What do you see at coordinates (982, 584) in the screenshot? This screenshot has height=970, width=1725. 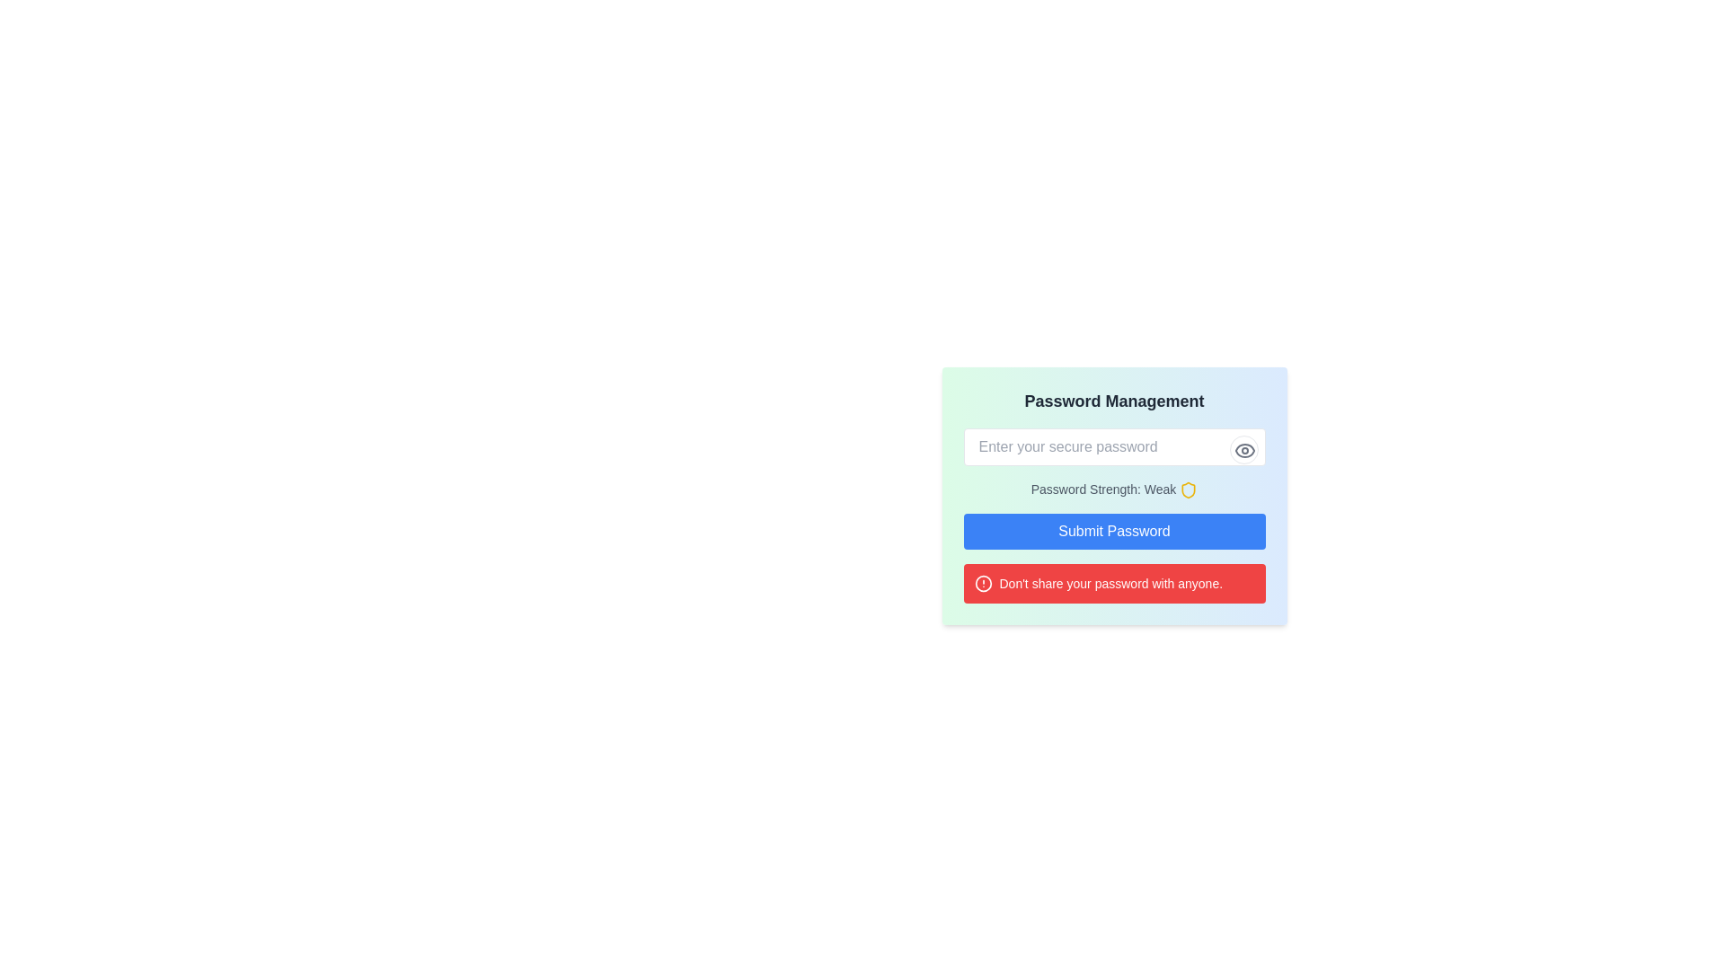 I see `the centered circle graphic component within the SVG element located in the bottom section of the password management dialog's error notification area` at bounding box center [982, 584].